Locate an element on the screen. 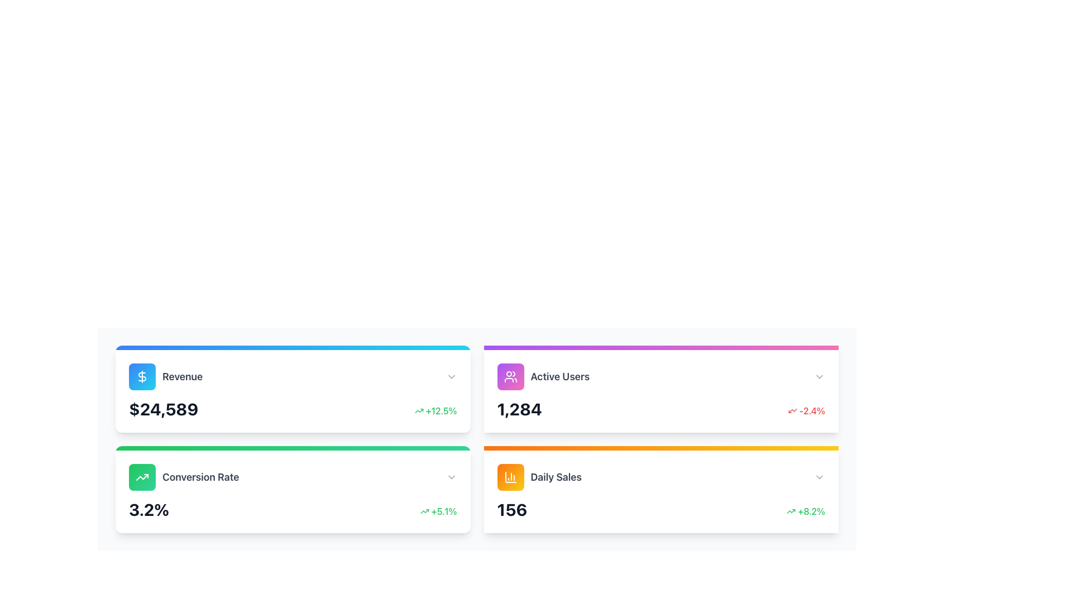  the decorative icon associated with the 'Daily Sales' card located in the bottom-right corner of the interface is located at coordinates (510, 477).